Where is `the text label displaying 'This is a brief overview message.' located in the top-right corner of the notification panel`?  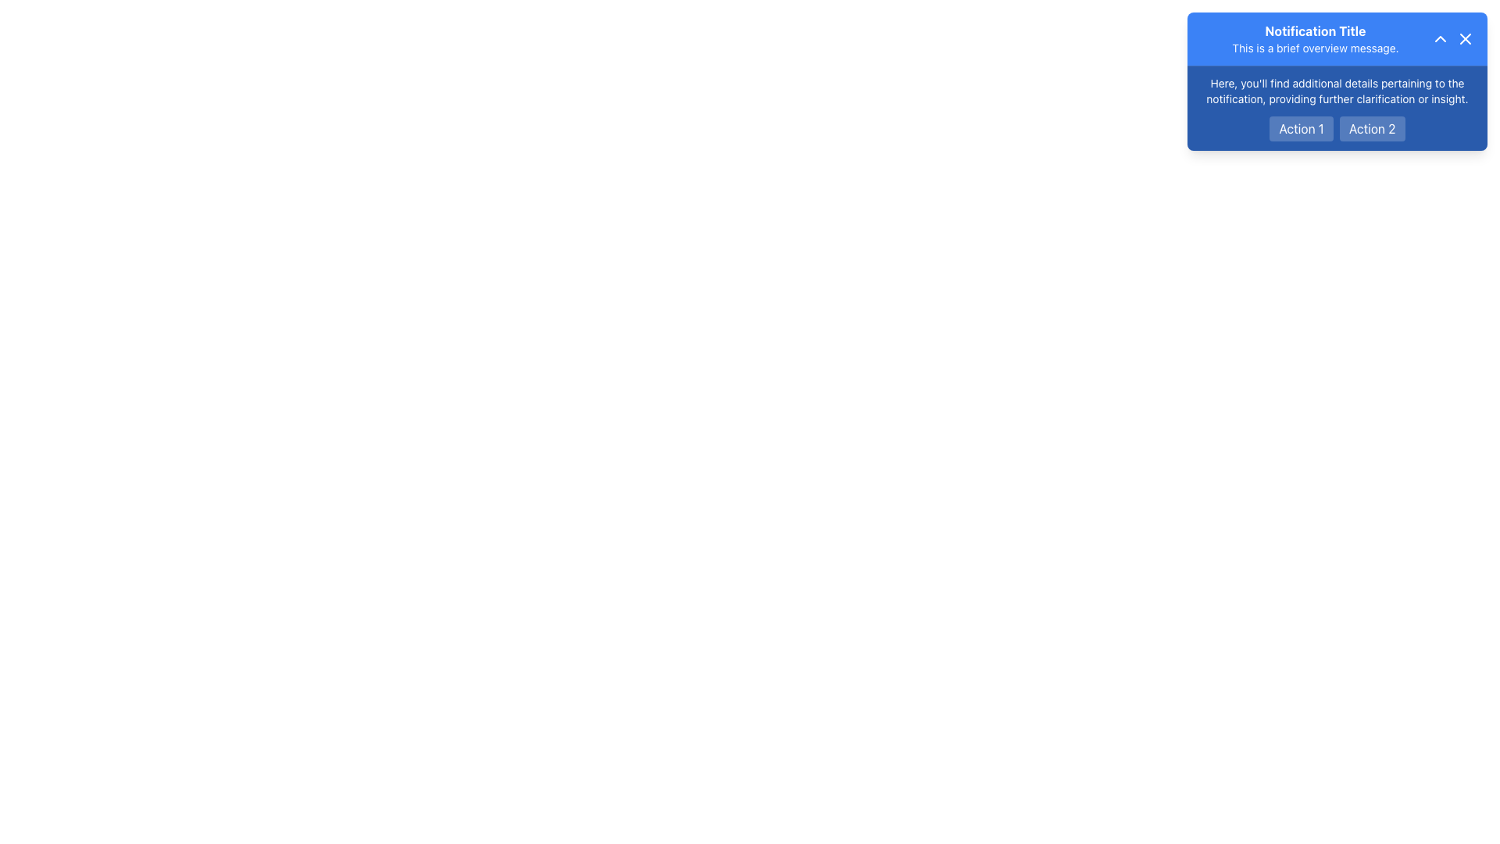
the text label displaying 'This is a brief overview message.' located in the top-right corner of the notification panel is located at coordinates (1315, 47).